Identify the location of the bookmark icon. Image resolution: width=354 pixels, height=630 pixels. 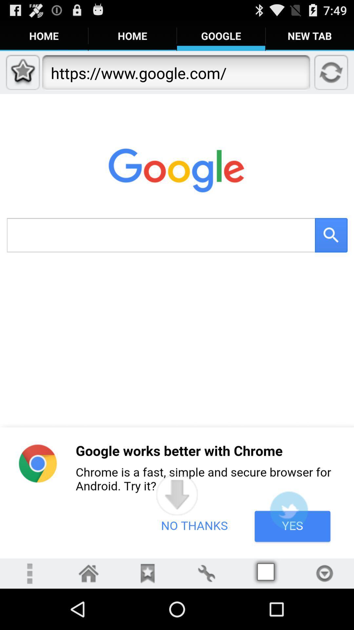
(147, 613).